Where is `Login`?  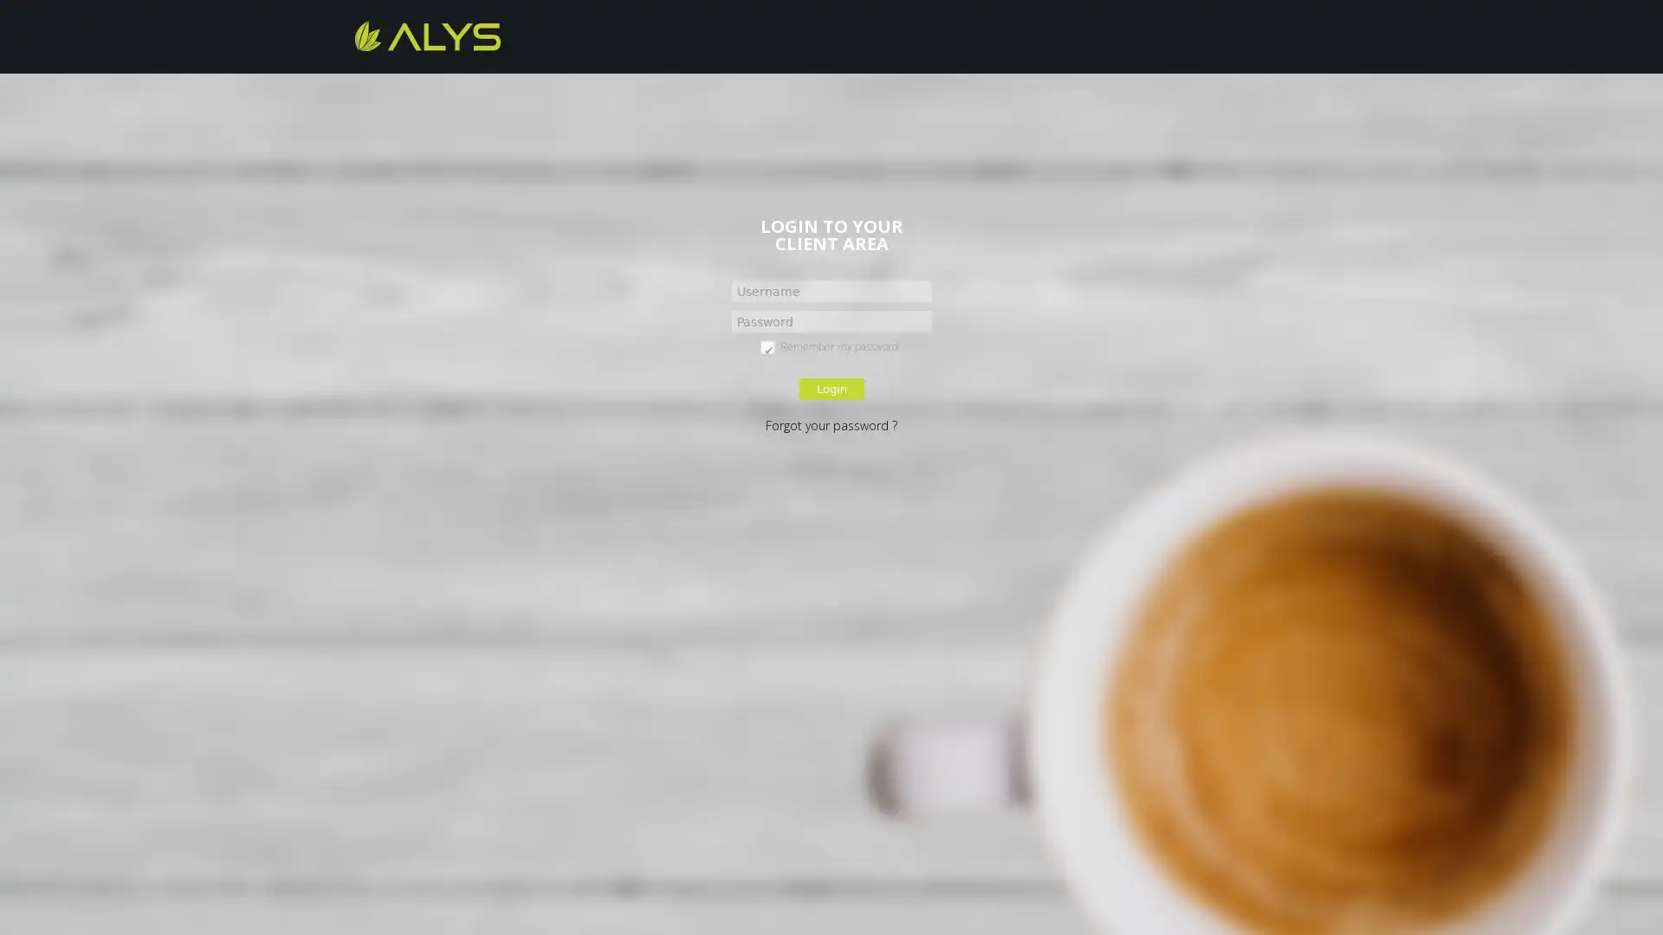 Login is located at coordinates (830, 388).